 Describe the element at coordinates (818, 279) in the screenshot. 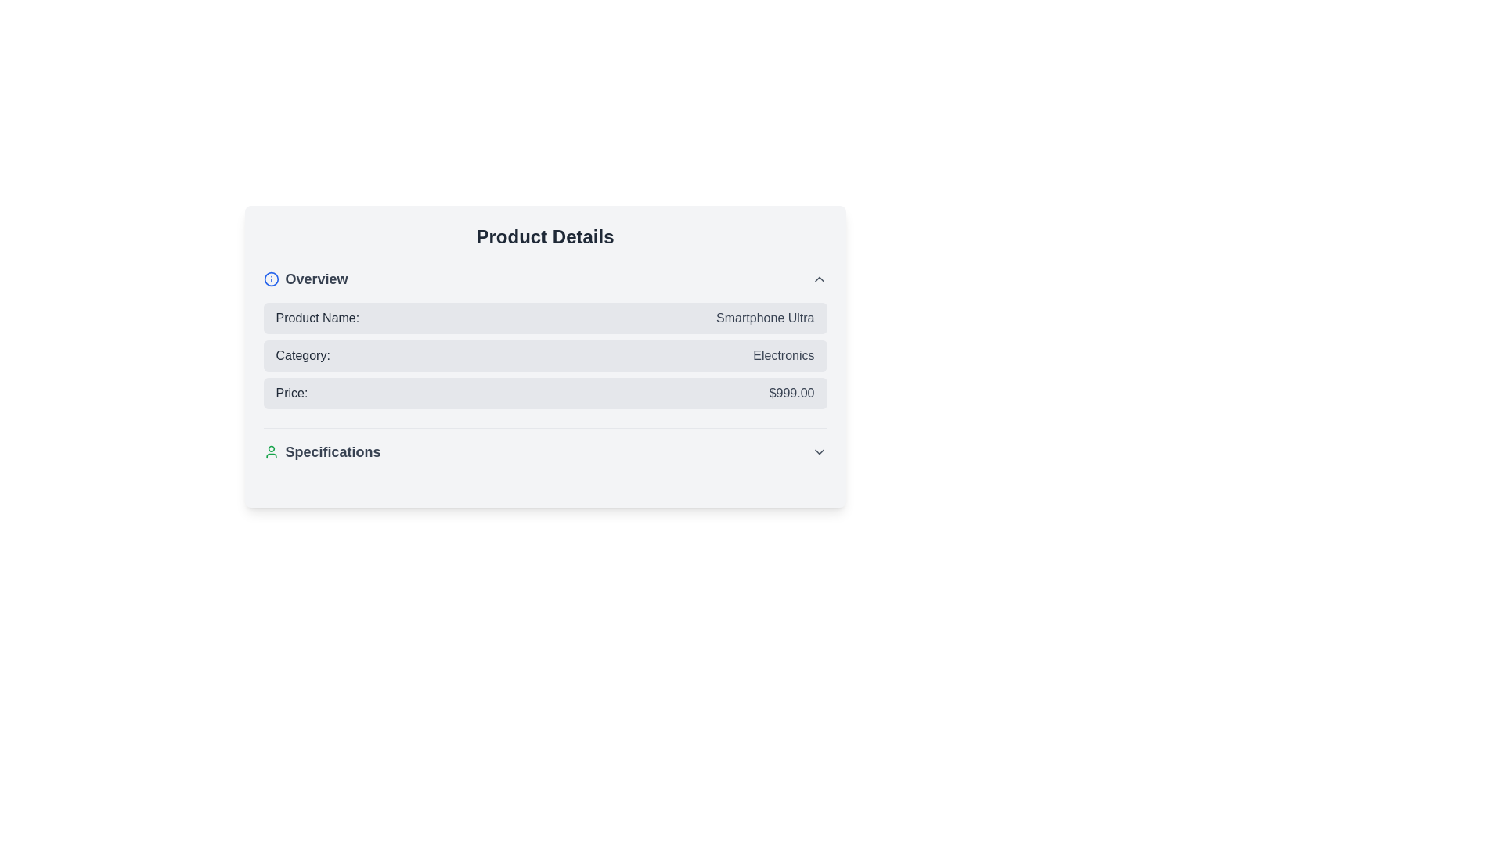

I see `the Chevron icon located to the far right of the 'Overview' section header` at that location.